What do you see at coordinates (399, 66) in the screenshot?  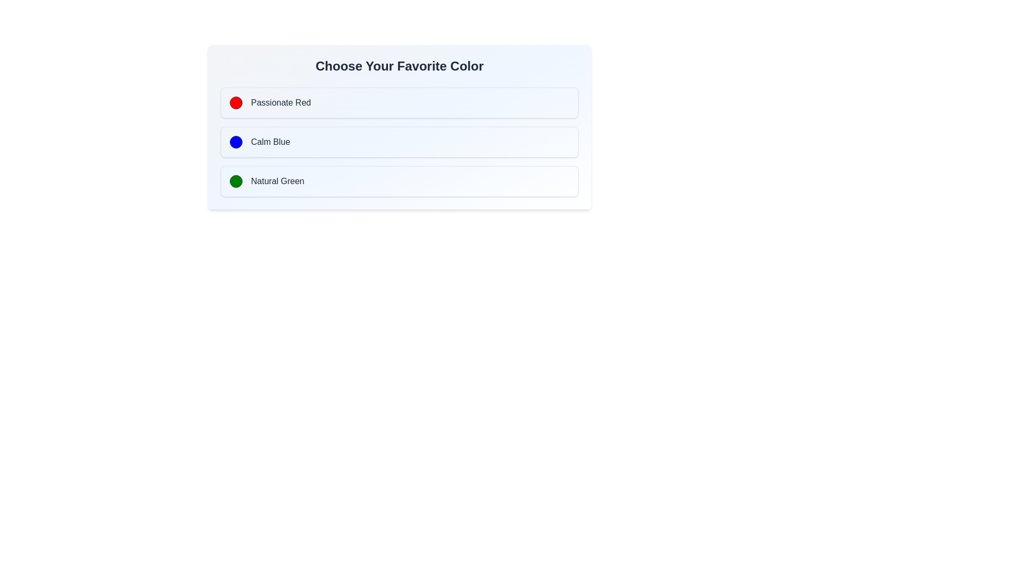 I see `the bold header displaying 'Choose Your Favorite Color' located at the top of the section above the color options` at bounding box center [399, 66].